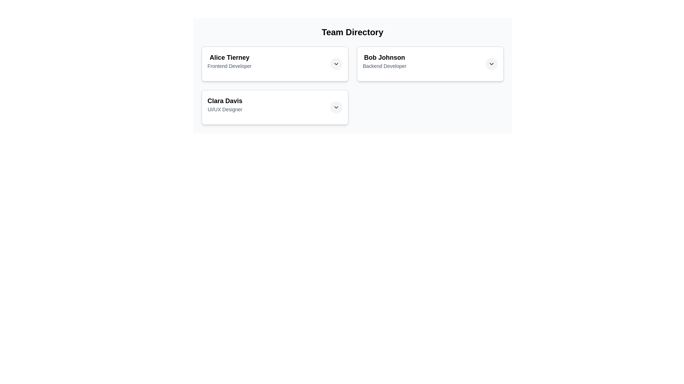 This screenshot has width=684, height=384. Describe the element at coordinates (336, 107) in the screenshot. I see `the SVG icon in the button located on the third card representing Clara Davis` at that location.